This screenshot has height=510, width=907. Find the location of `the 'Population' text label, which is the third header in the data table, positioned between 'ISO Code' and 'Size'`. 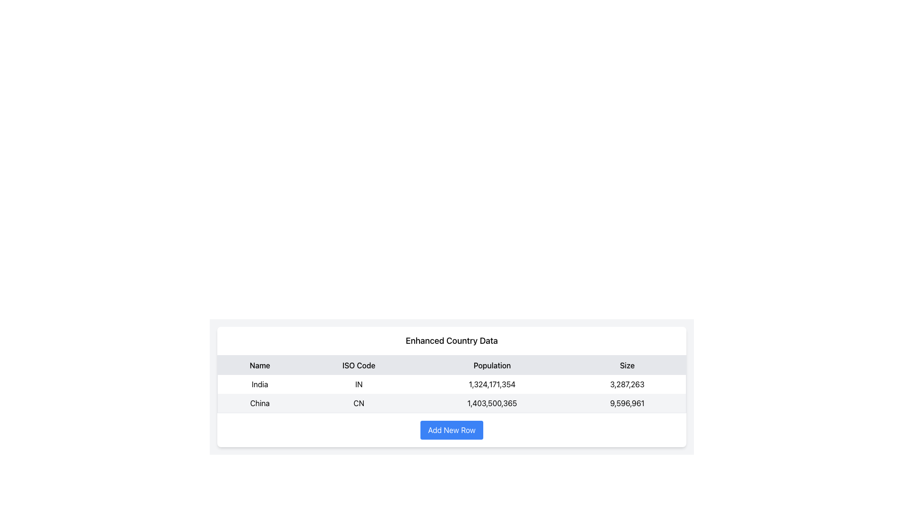

the 'Population' text label, which is the third header in the data table, positioned between 'ISO Code' and 'Size' is located at coordinates (491, 365).